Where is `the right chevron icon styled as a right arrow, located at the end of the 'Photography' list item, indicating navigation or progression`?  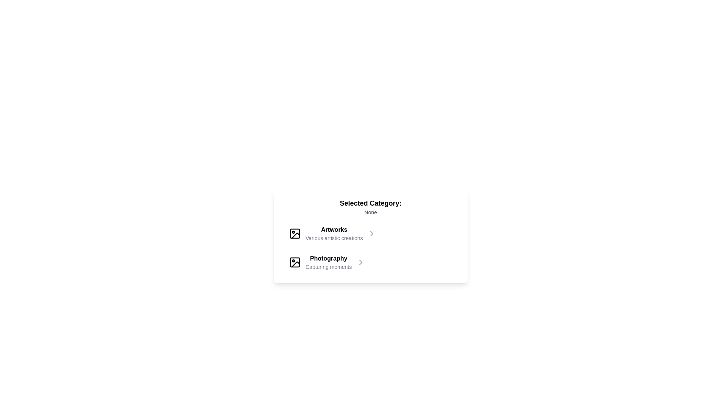
the right chevron icon styled as a right arrow, located at the end of the 'Photography' list item, indicating navigation or progression is located at coordinates (360, 262).